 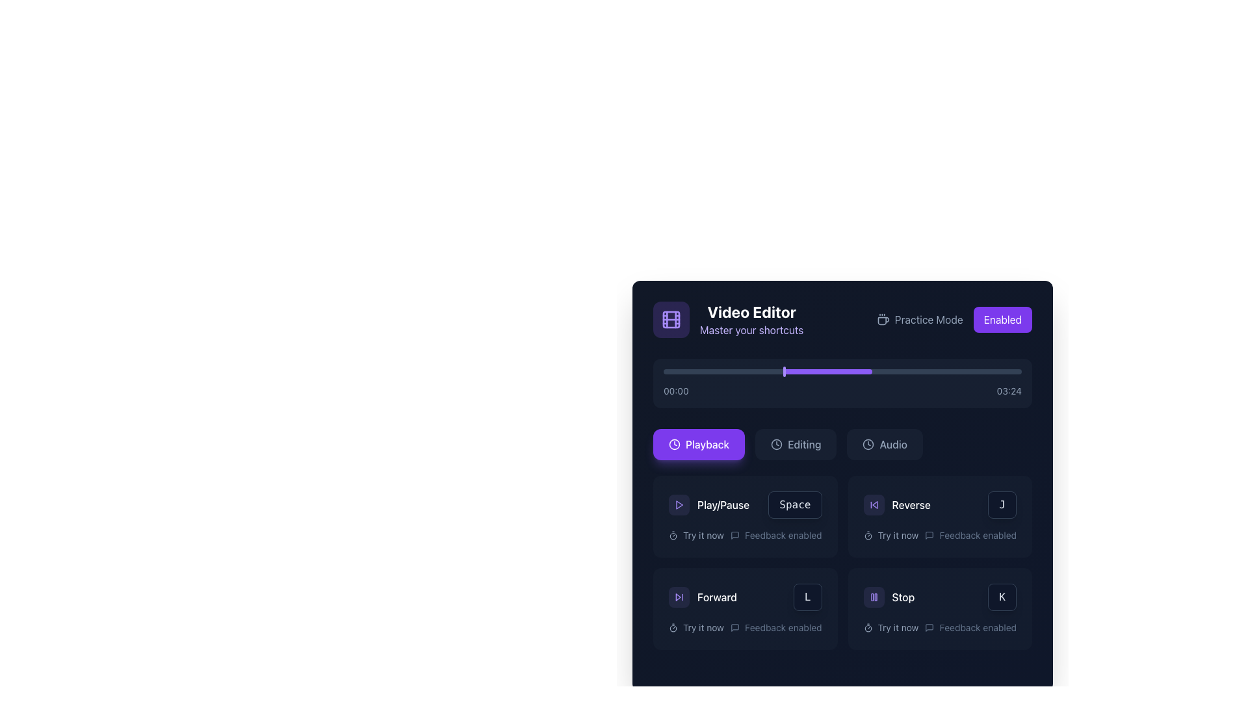 What do you see at coordinates (883, 321) in the screenshot?
I see `the coffee cup icon, which is a graphical depiction resembling a rounded cup with a handle on the right side, located towards the top left corner of the interface` at bounding box center [883, 321].